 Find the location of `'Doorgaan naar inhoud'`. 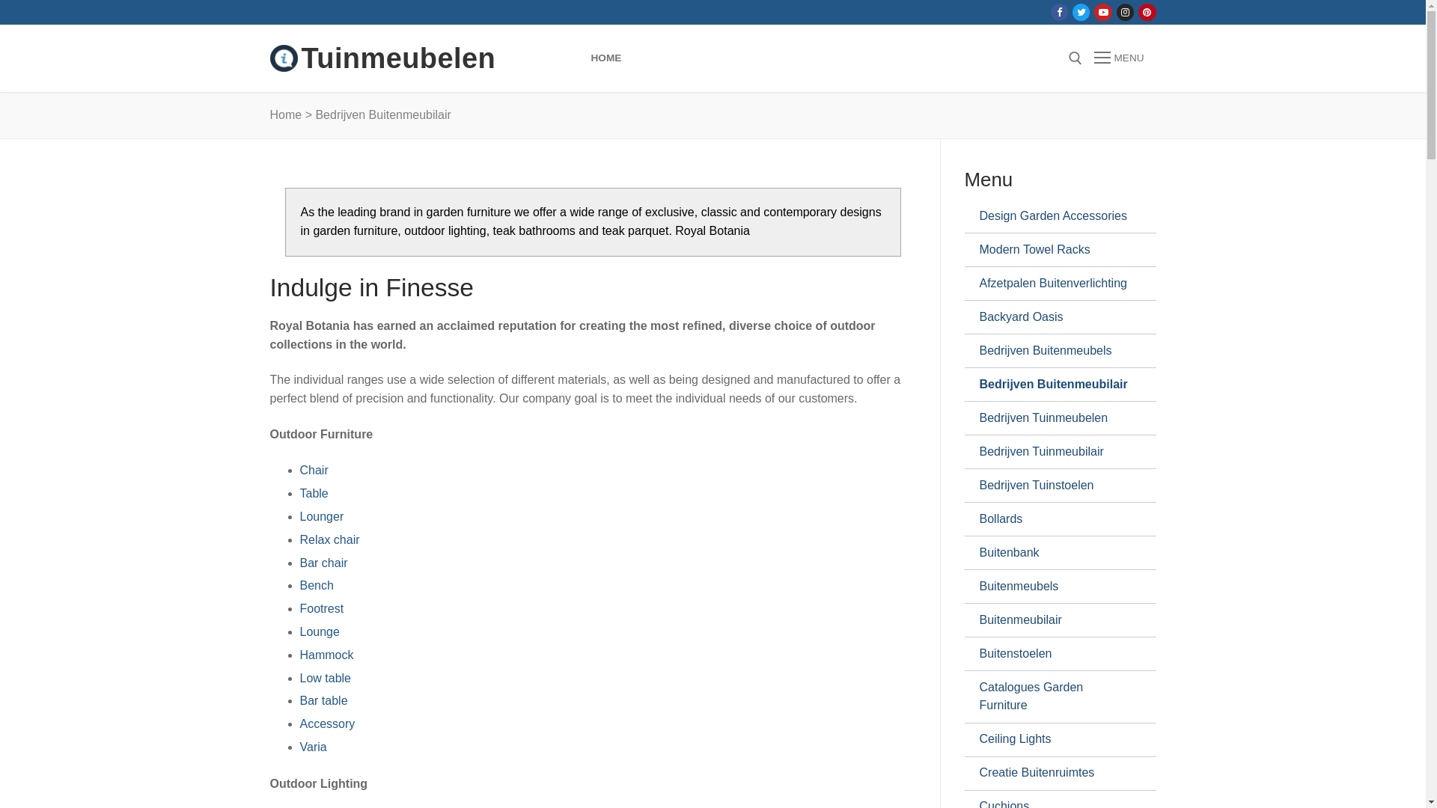

'Doorgaan naar inhoud' is located at coordinates (0, 0).